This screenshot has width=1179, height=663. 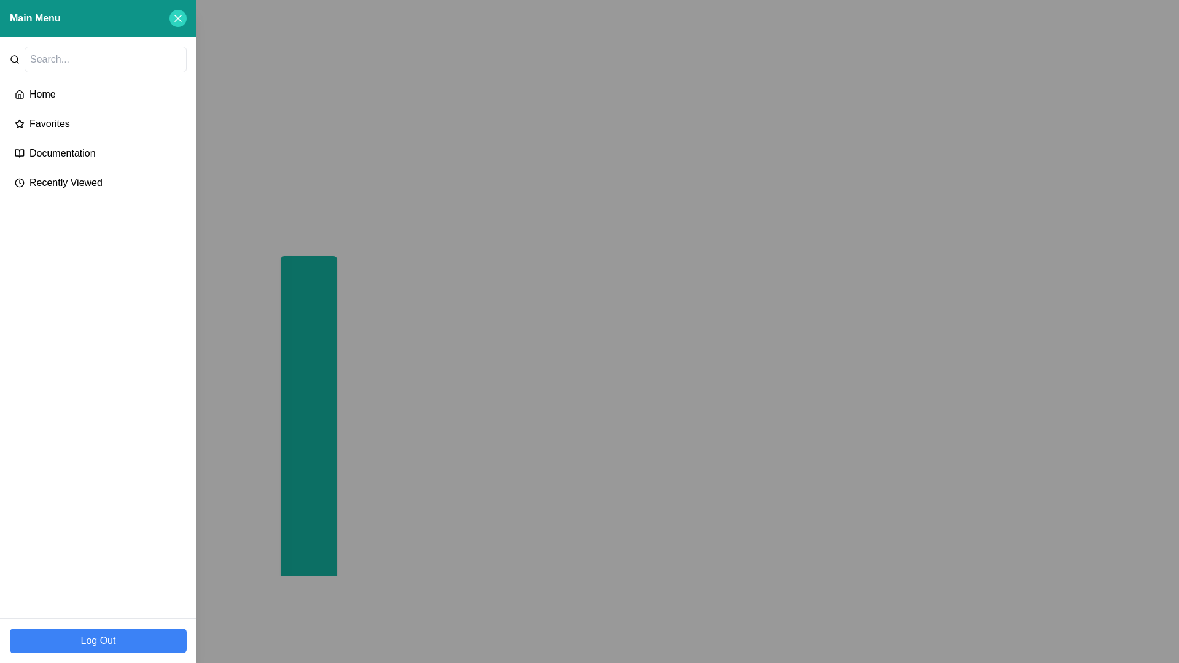 What do you see at coordinates (20, 182) in the screenshot?
I see `the small clock icon located on the left side of the 'Recently Viewed' menu item, which serves as a visual indicator for time or history functions` at bounding box center [20, 182].